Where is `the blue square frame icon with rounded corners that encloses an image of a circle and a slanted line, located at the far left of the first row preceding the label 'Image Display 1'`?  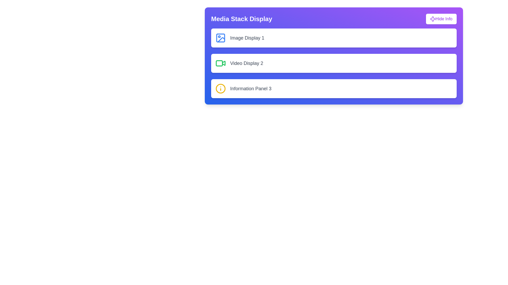 the blue square frame icon with rounded corners that encloses an image of a circle and a slanted line, located at the far left of the first row preceding the label 'Image Display 1' is located at coordinates (221, 37).